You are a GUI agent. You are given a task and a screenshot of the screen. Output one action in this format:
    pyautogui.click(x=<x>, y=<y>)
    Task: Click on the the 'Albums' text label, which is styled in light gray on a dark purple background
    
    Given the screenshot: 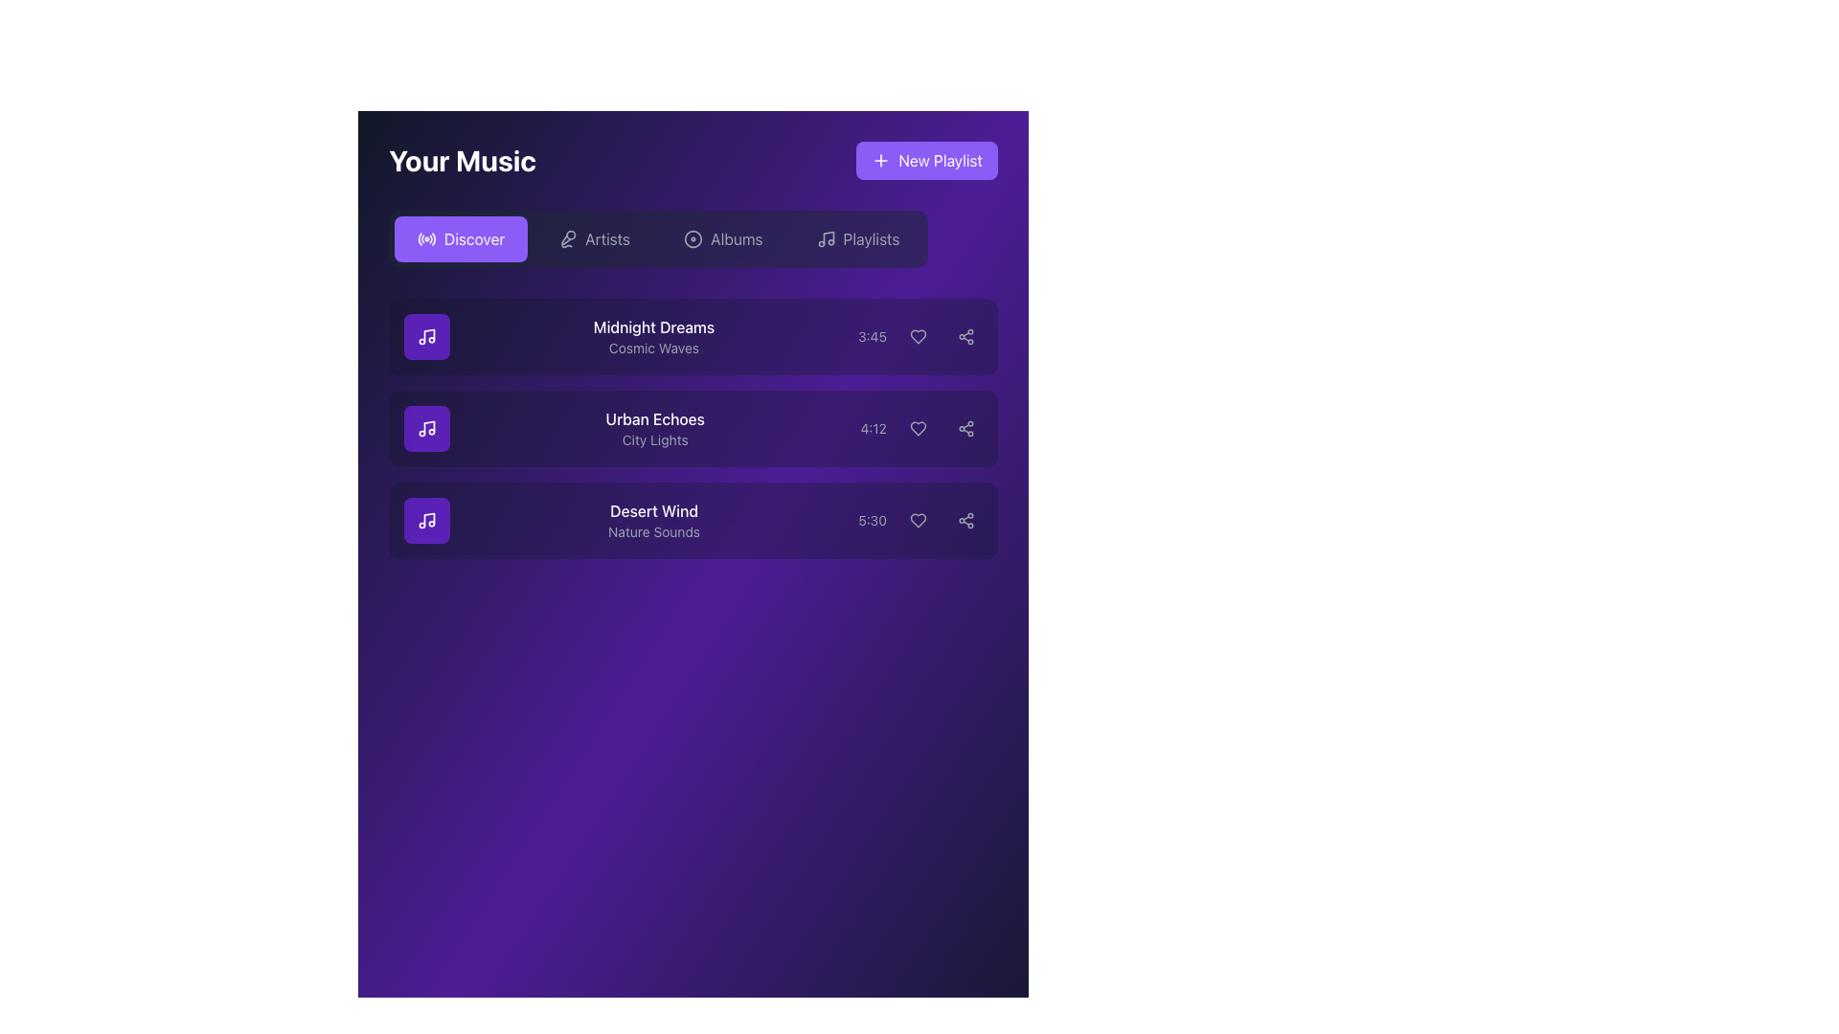 What is the action you would take?
    pyautogui.click(x=736, y=238)
    